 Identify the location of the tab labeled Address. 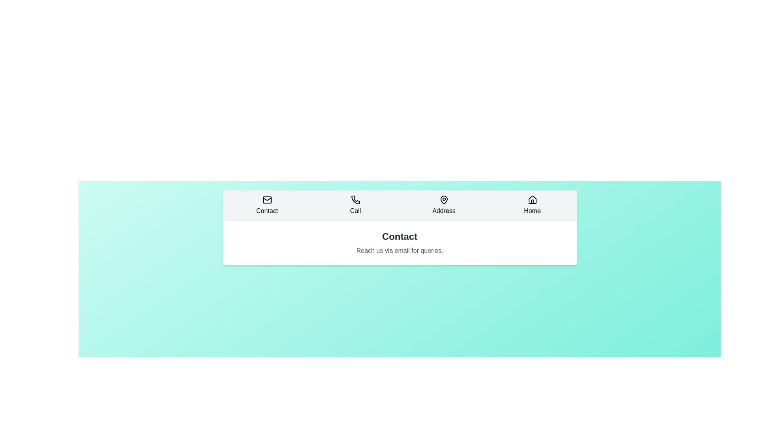
(444, 205).